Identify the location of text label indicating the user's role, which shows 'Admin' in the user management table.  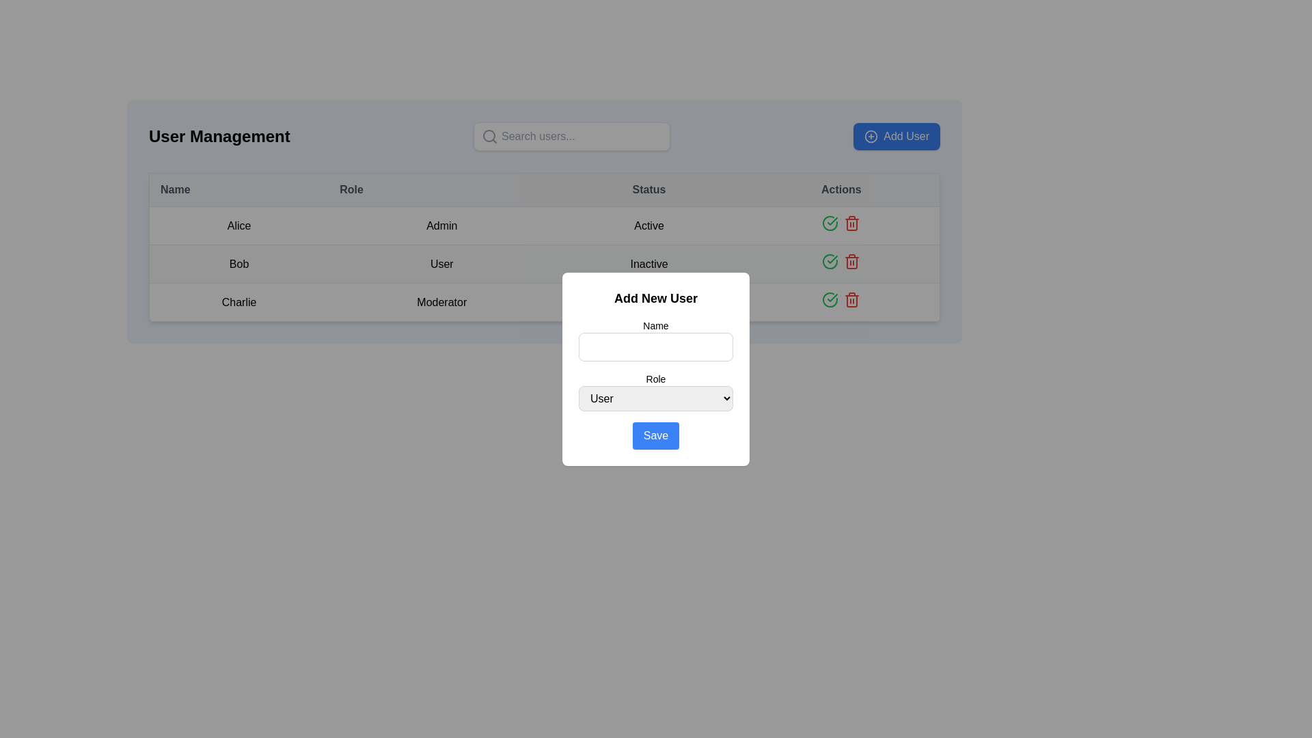
(441, 225).